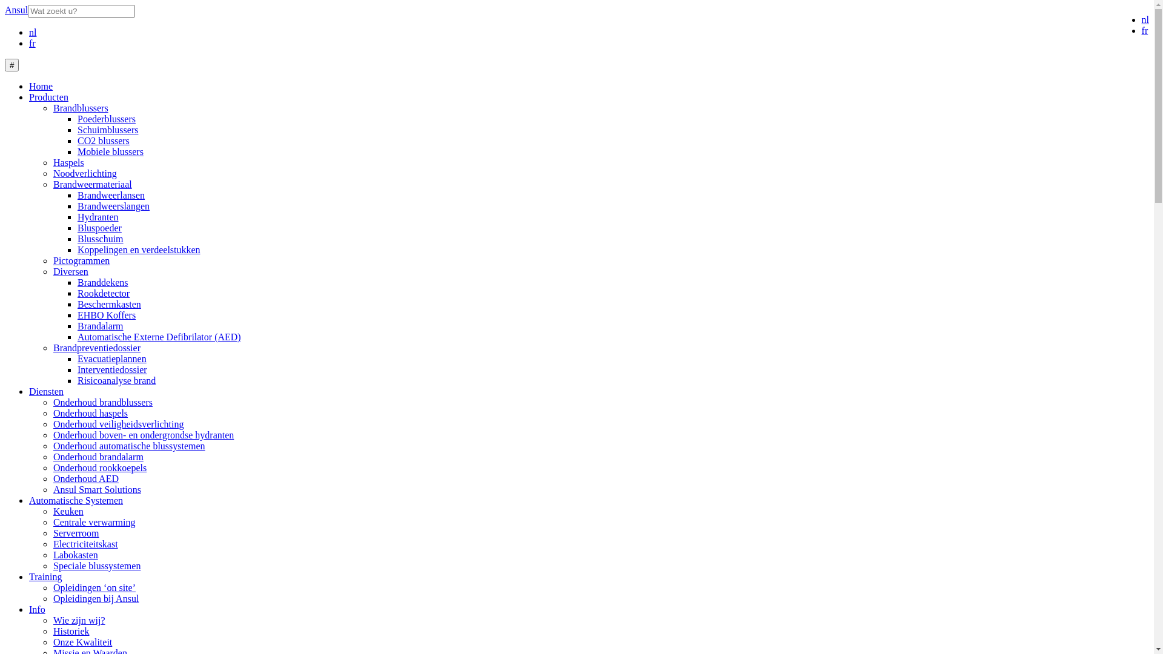 This screenshot has height=654, width=1163. What do you see at coordinates (37, 609) in the screenshot?
I see `'Info'` at bounding box center [37, 609].